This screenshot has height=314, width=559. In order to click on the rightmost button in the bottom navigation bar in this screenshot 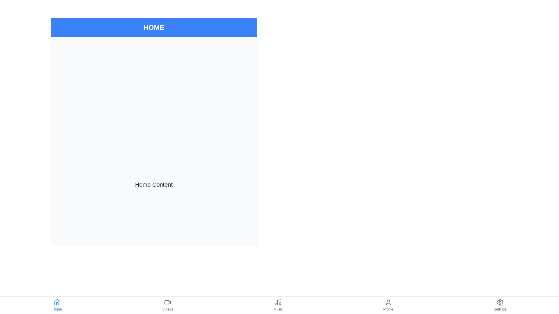, I will do `click(500, 305)`.